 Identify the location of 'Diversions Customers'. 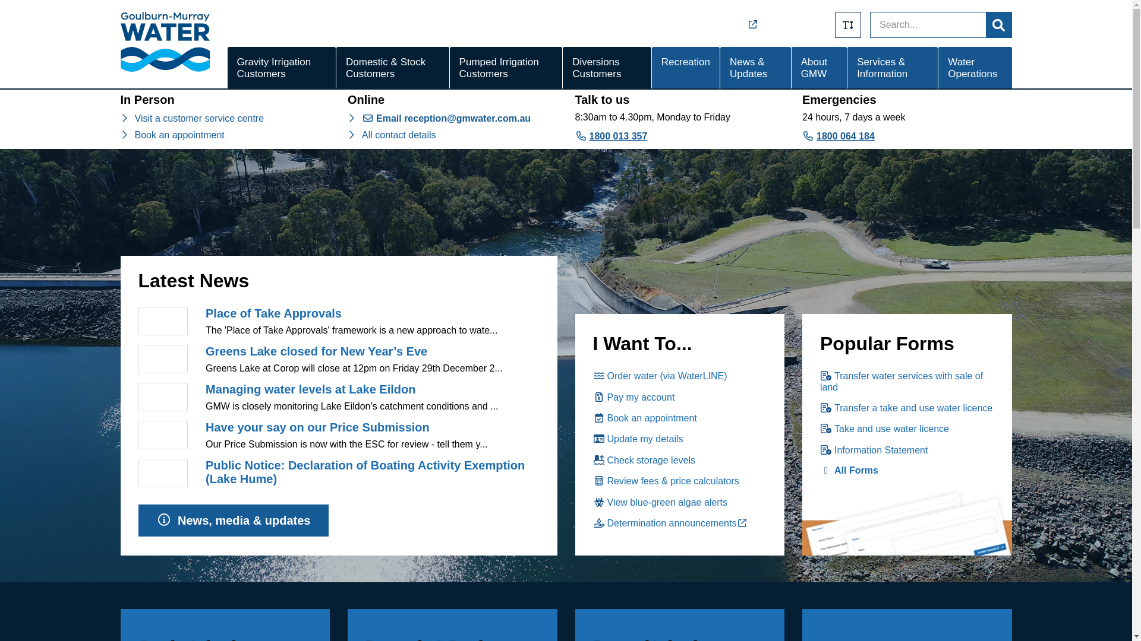
(562, 68).